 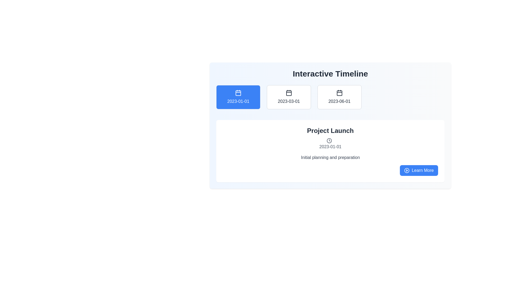 I want to click on the static text label that provides descriptive information regarding the preparation phase of the timeline, located beneath the date indicator '2023-01-01' and above the 'Learn More' button, so click(x=330, y=157).